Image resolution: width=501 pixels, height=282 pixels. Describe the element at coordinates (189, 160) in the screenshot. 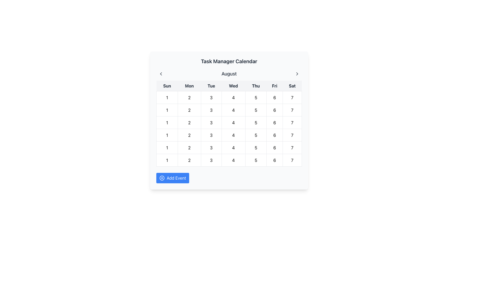

I see `the text-based calendar cell containing the number '2' in the 'Monday' column` at that location.